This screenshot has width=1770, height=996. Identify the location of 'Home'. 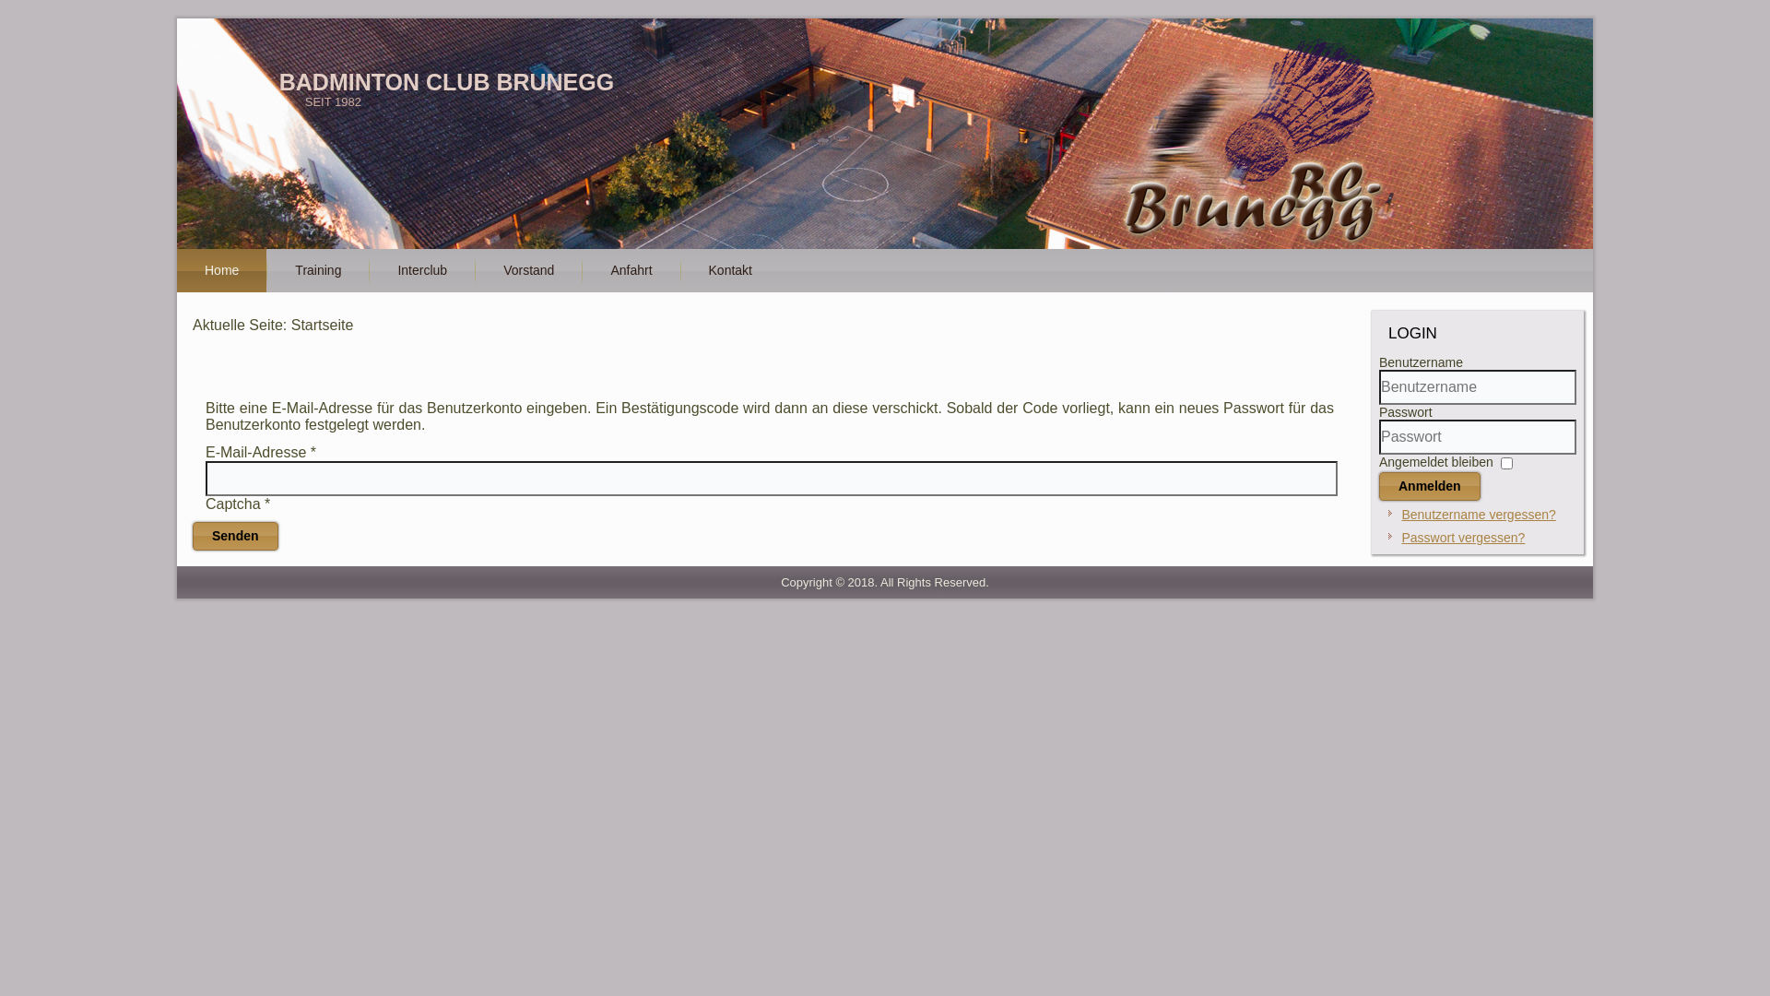
(221, 270).